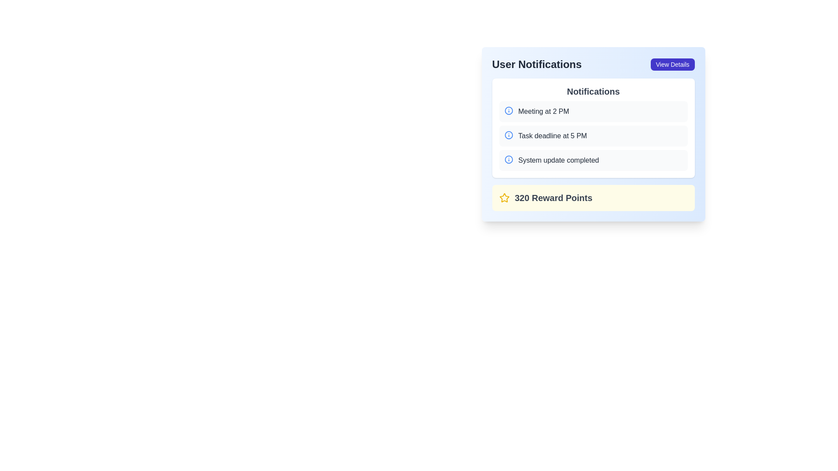  What do you see at coordinates (593, 111) in the screenshot?
I see `the notification entry that informs the user of a scheduled meeting, which is the first item in the notifications list below the title 'Notifications'` at bounding box center [593, 111].